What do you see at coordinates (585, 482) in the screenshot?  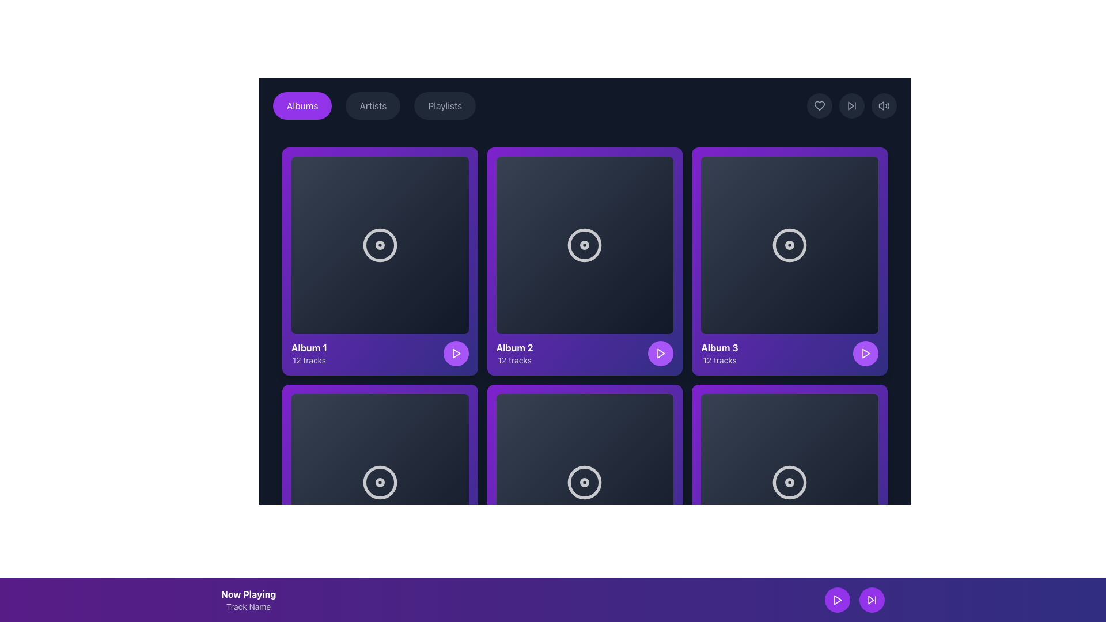 I see `the album icon representing a disc or music record, located in the third card from the left in the bottom row of a 3x3 grid of album cards, which is surrounded by a purple border` at bounding box center [585, 482].